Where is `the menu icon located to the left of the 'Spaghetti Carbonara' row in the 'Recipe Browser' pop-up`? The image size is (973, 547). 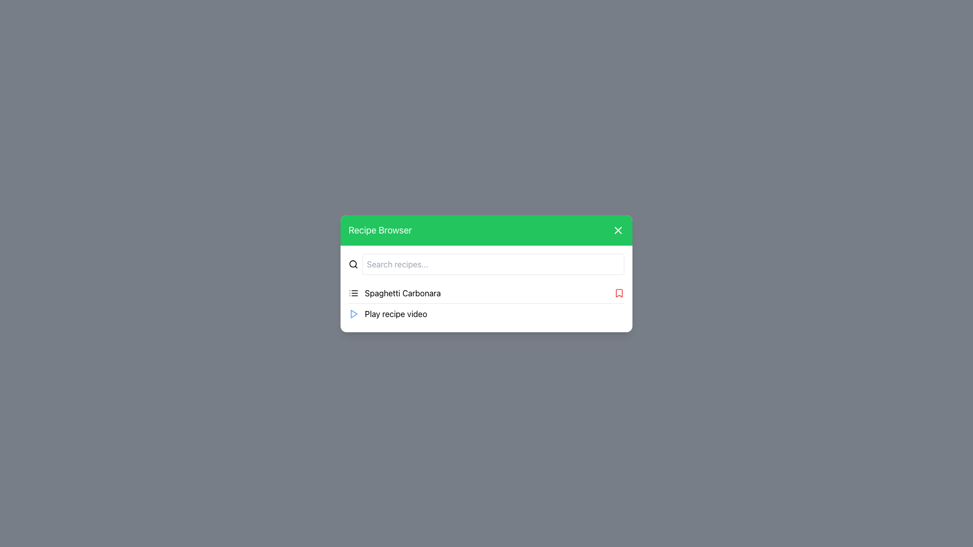 the menu icon located to the left of the 'Spaghetti Carbonara' row in the 'Recipe Browser' pop-up is located at coordinates (353, 293).